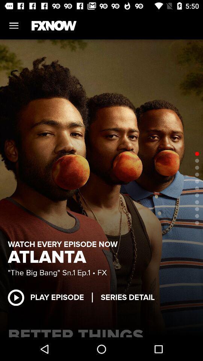  Describe the element at coordinates (50, 297) in the screenshot. I see `the icon below the big bang icon` at that location.